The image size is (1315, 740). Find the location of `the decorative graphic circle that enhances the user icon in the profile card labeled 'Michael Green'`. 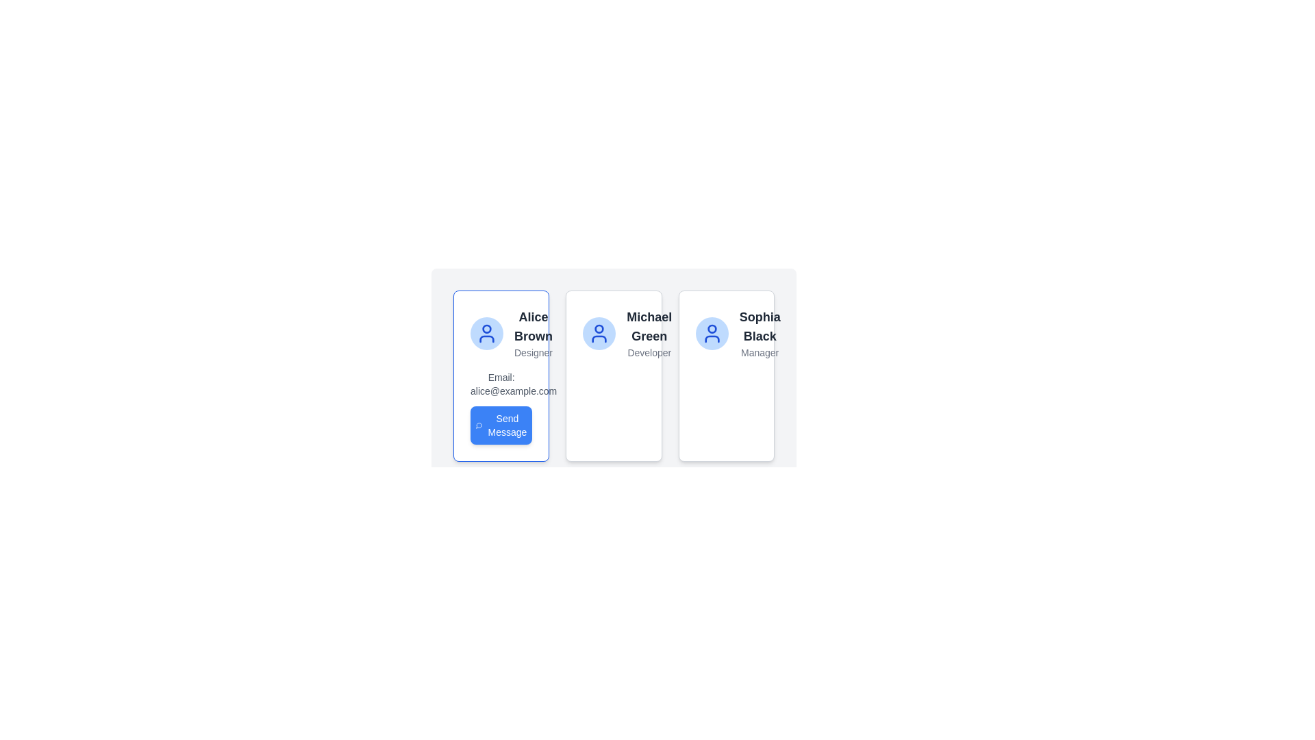

the decorative graphic circle that enhances the user icon in the profile card labeled 'Michael Green' is located at coordinates (599, 329).